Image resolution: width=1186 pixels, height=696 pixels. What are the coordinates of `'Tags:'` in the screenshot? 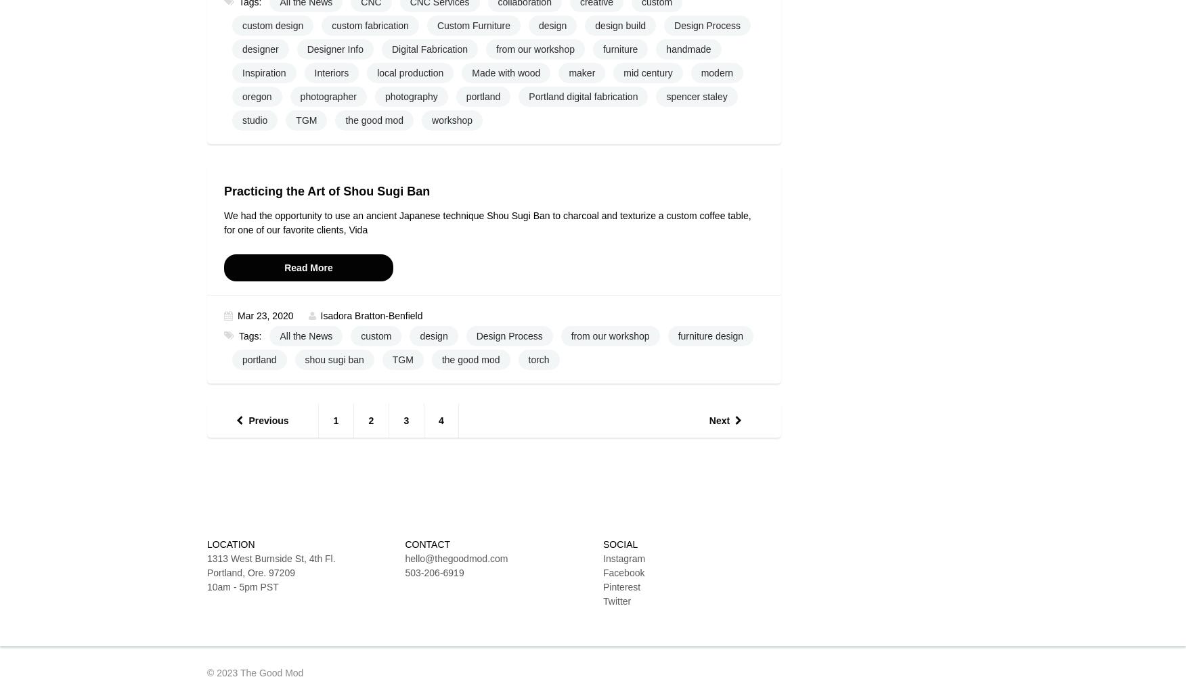 It's located at (249, 336).